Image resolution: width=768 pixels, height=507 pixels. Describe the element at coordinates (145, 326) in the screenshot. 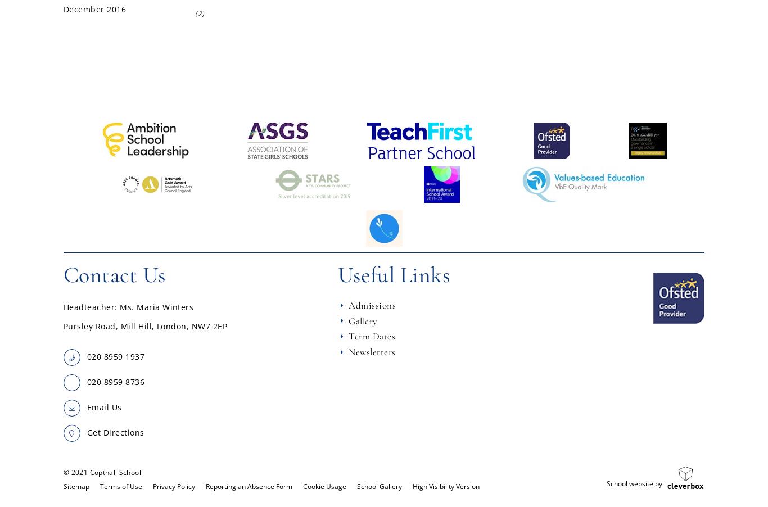

I see `'Pursley Road, Mill Hill, London, NW7 2EP'` at that location.